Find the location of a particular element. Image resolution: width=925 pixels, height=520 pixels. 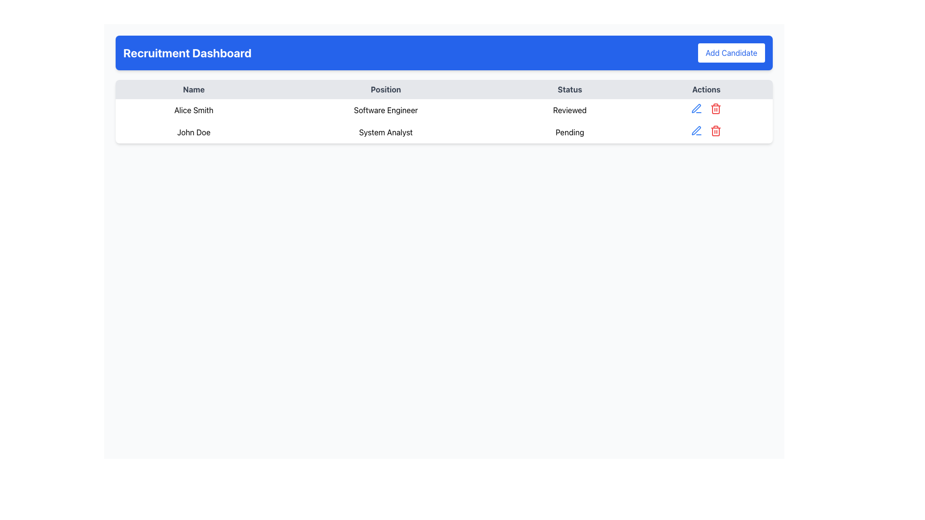

the red trash bin icon in the Actions column of the row labeled 'John Doe' is located at coordinates (706, 132).